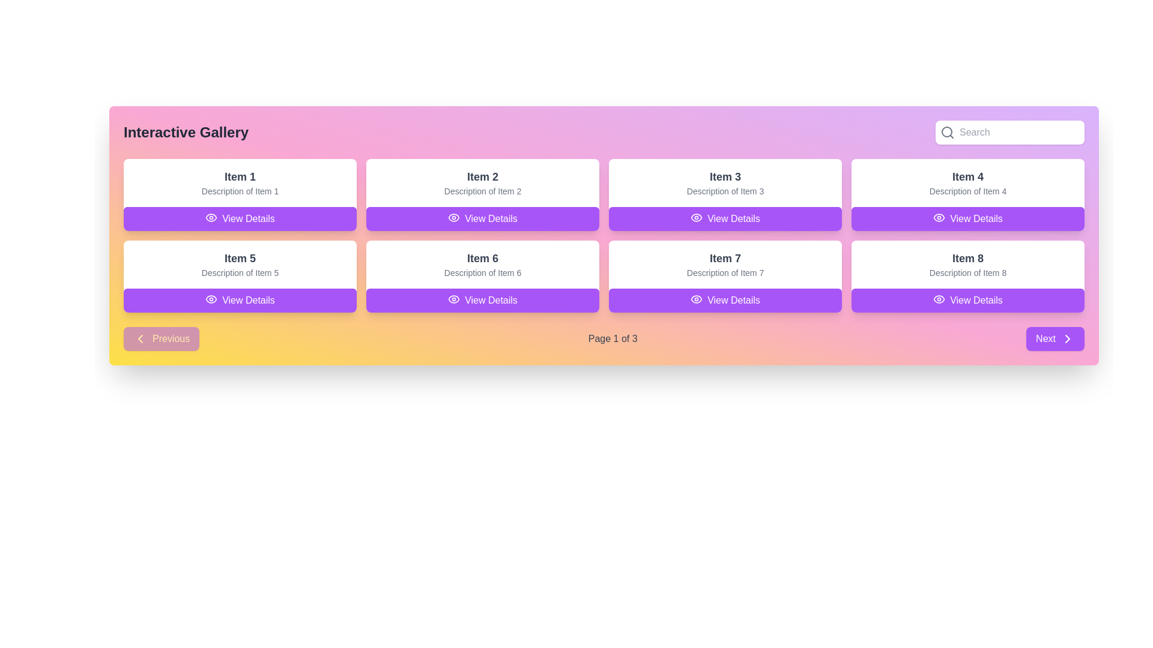  I want to click on the text label that displays 'Description of Item 7', which is located under the heading 'Item 7' in the card layout, so click(725, 273).